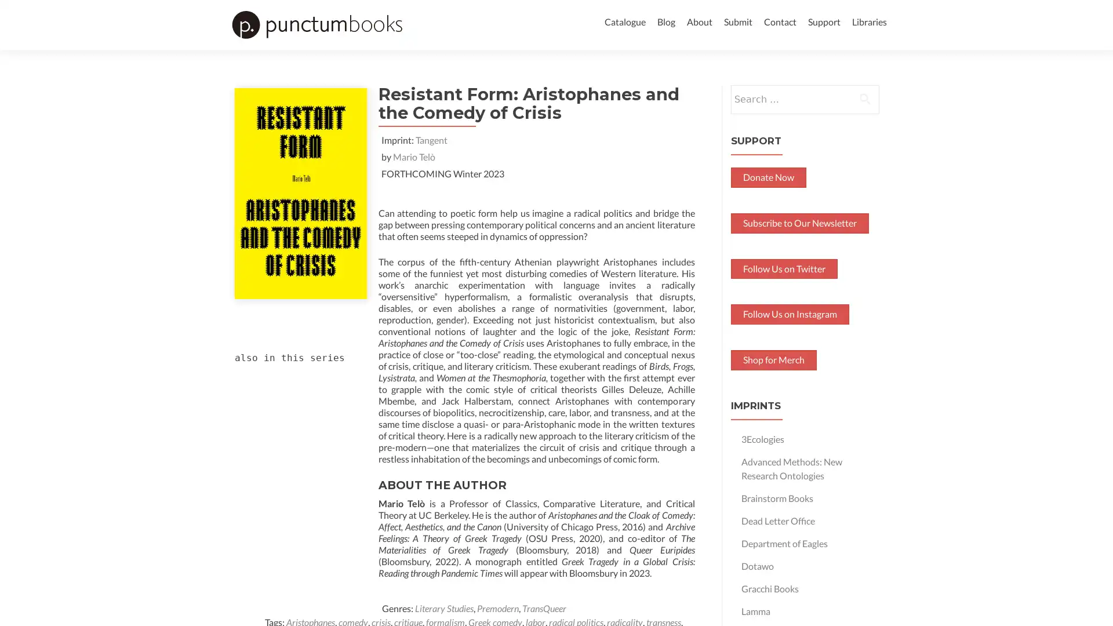 This screenshot has width=1113, height=626. I want to click on Search, so click(865, 118).